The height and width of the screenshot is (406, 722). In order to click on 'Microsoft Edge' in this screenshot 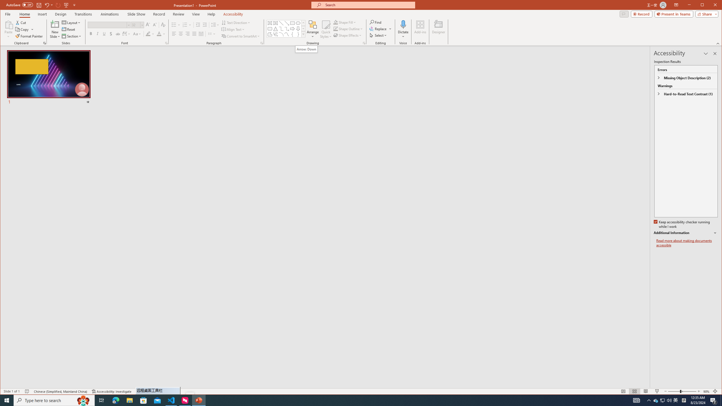, I will do `click(115, 400)`.